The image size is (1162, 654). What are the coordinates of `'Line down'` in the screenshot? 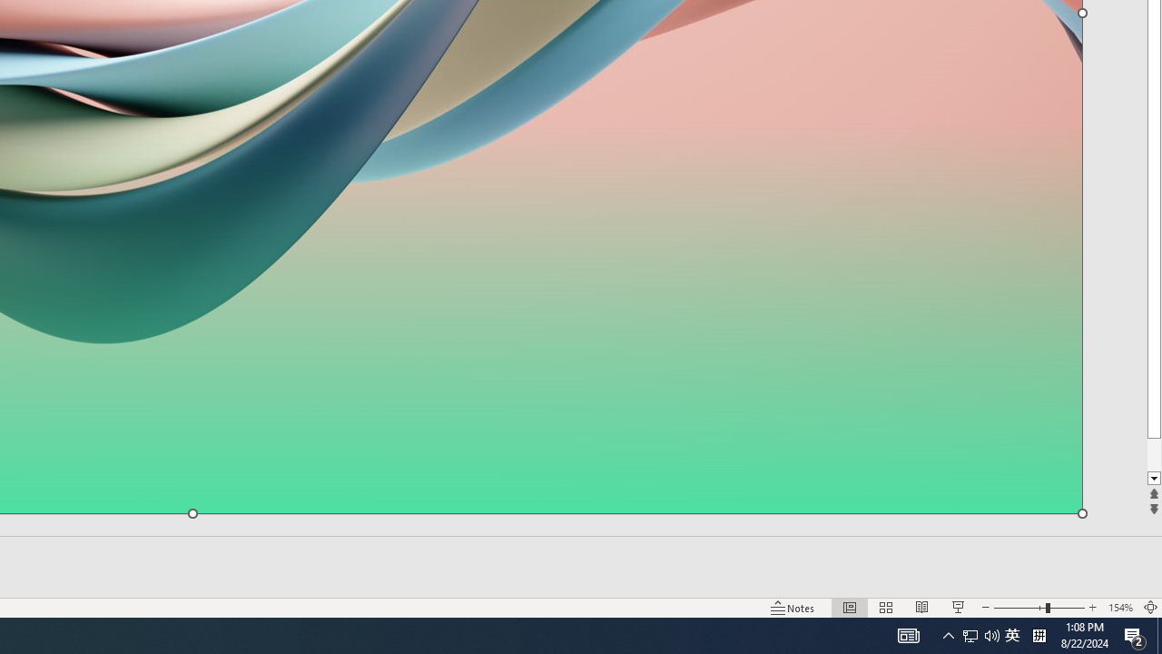 It's located at (1153, 478).